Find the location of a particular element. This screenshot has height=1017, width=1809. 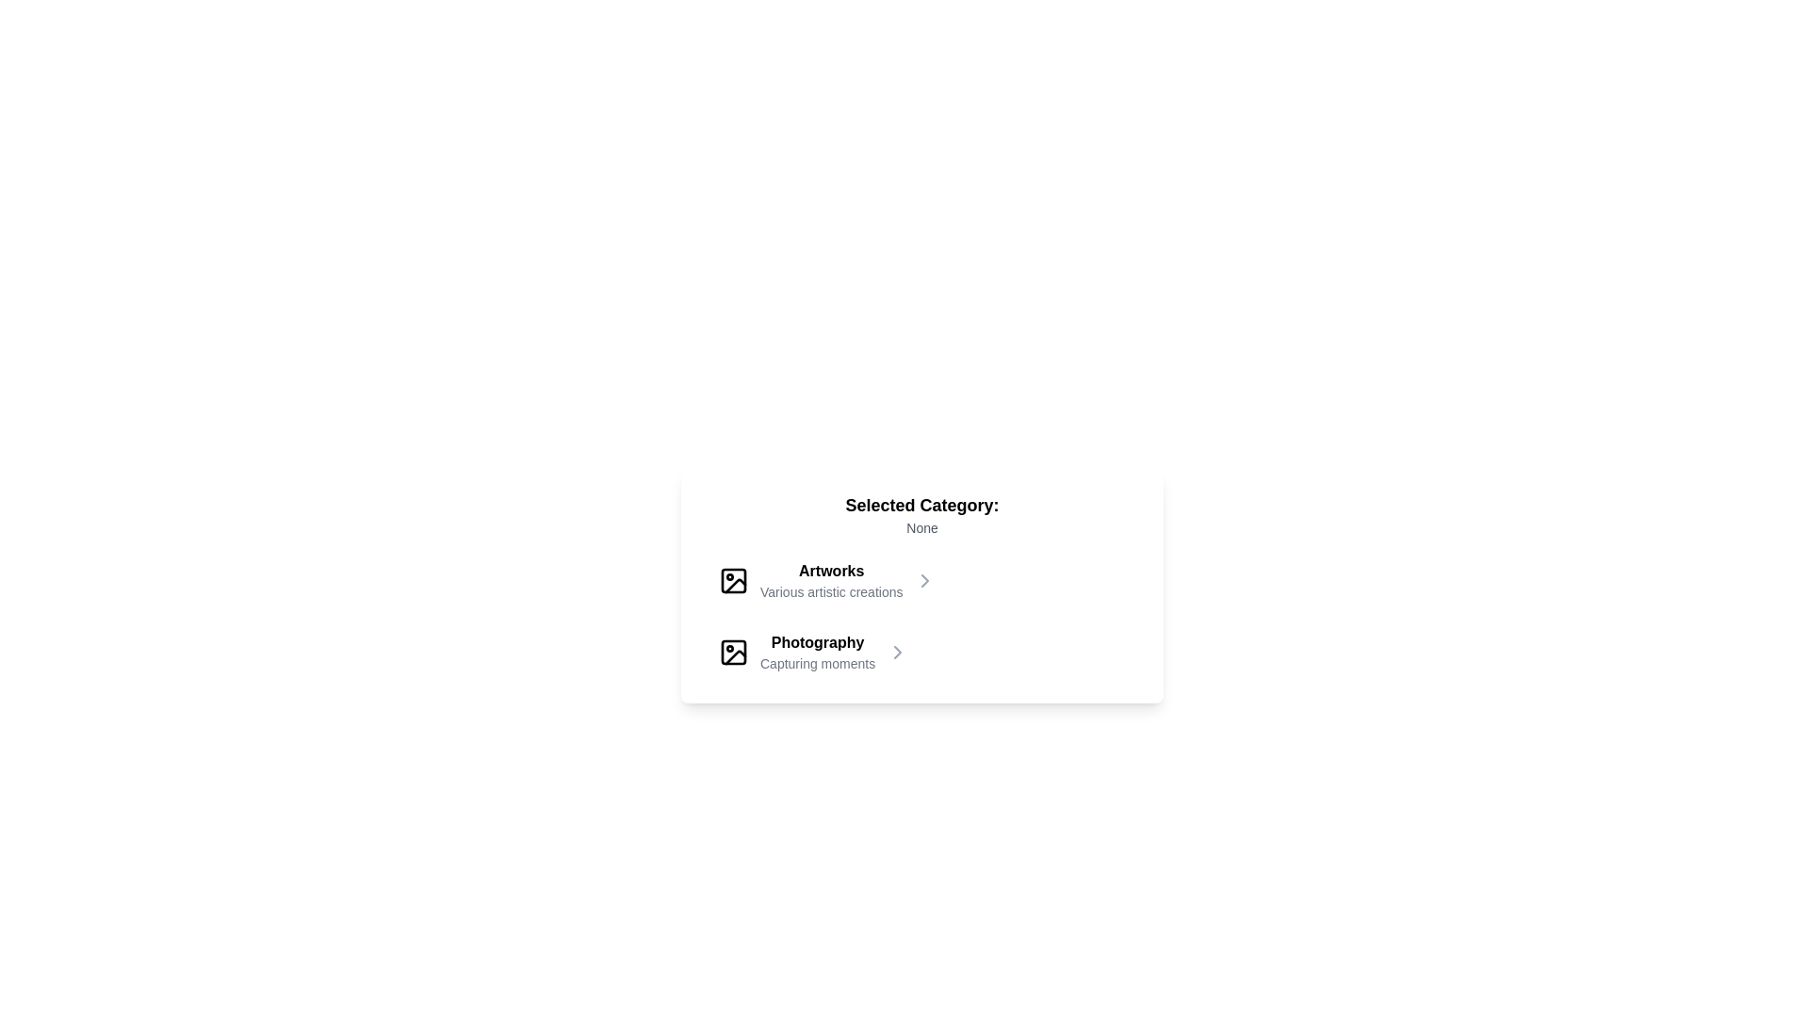

the right-pointing chevron icon located to the right of the 'Photography' label is located at coordinates (897, 652).